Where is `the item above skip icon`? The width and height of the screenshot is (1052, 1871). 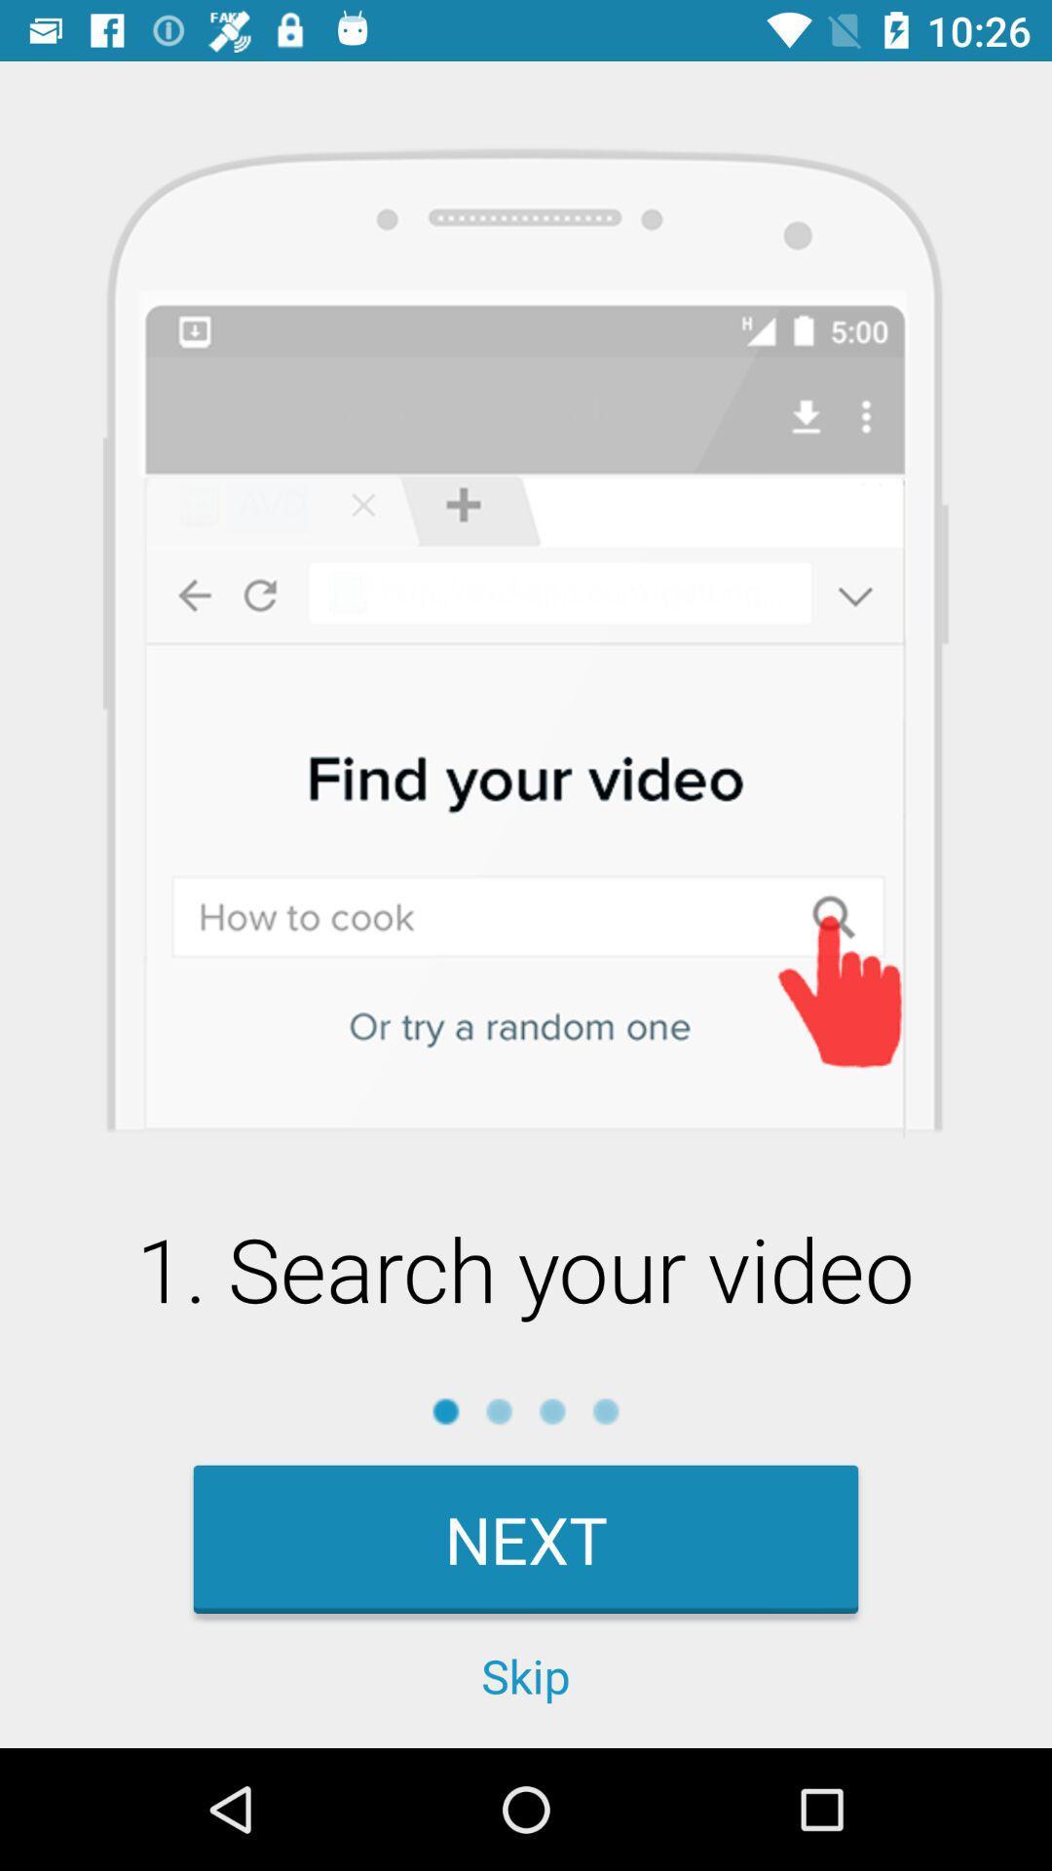
the item above skip icon is located at coordinates (526, 1538).